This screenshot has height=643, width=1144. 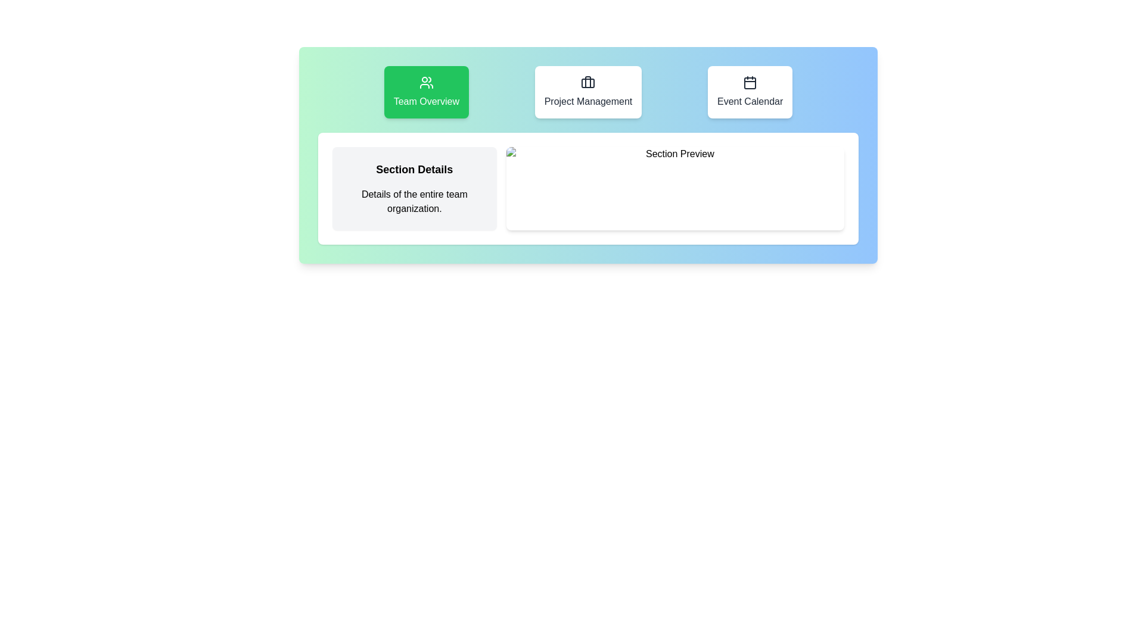 What do you see at coordinates (588, 91) in the screenshot?
I see `the middle button labeled 'Project Management' with a suitcase icon` at bounding box center [588, 91].